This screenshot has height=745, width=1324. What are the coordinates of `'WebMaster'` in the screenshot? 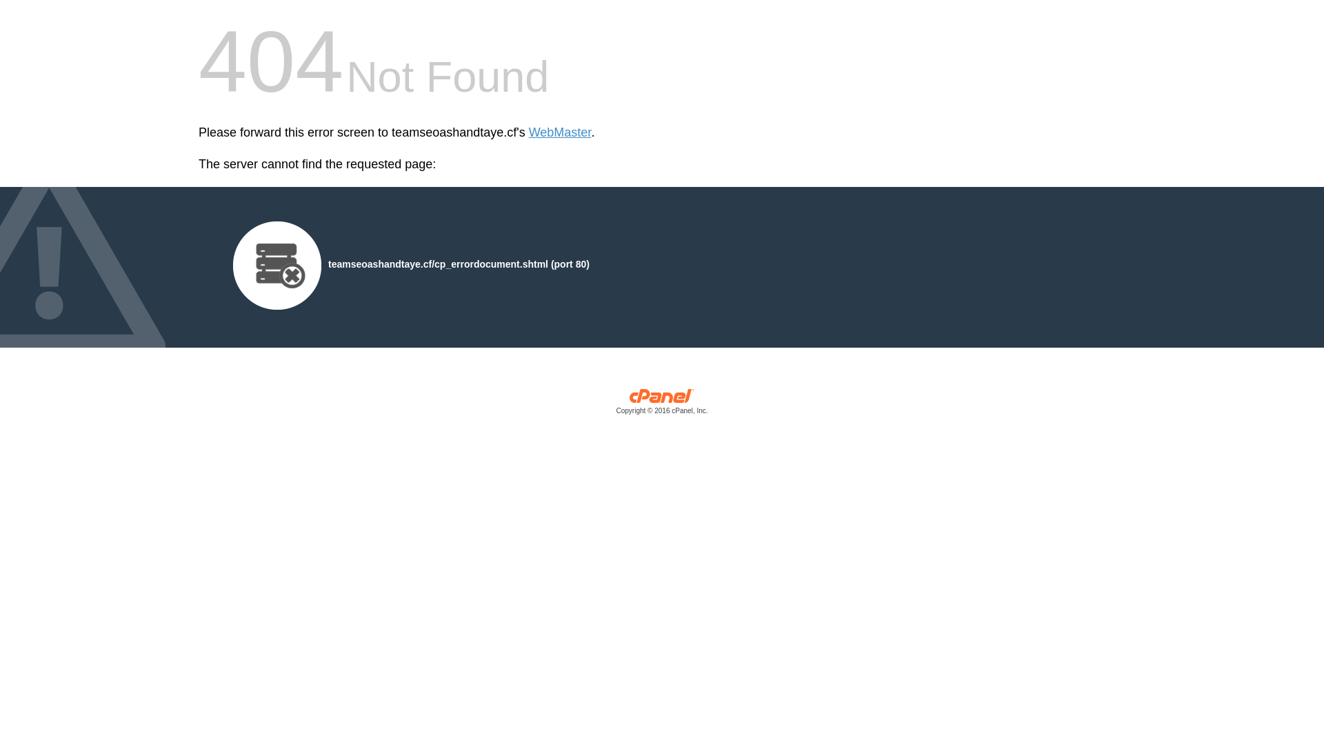 It's located at (560, 132).